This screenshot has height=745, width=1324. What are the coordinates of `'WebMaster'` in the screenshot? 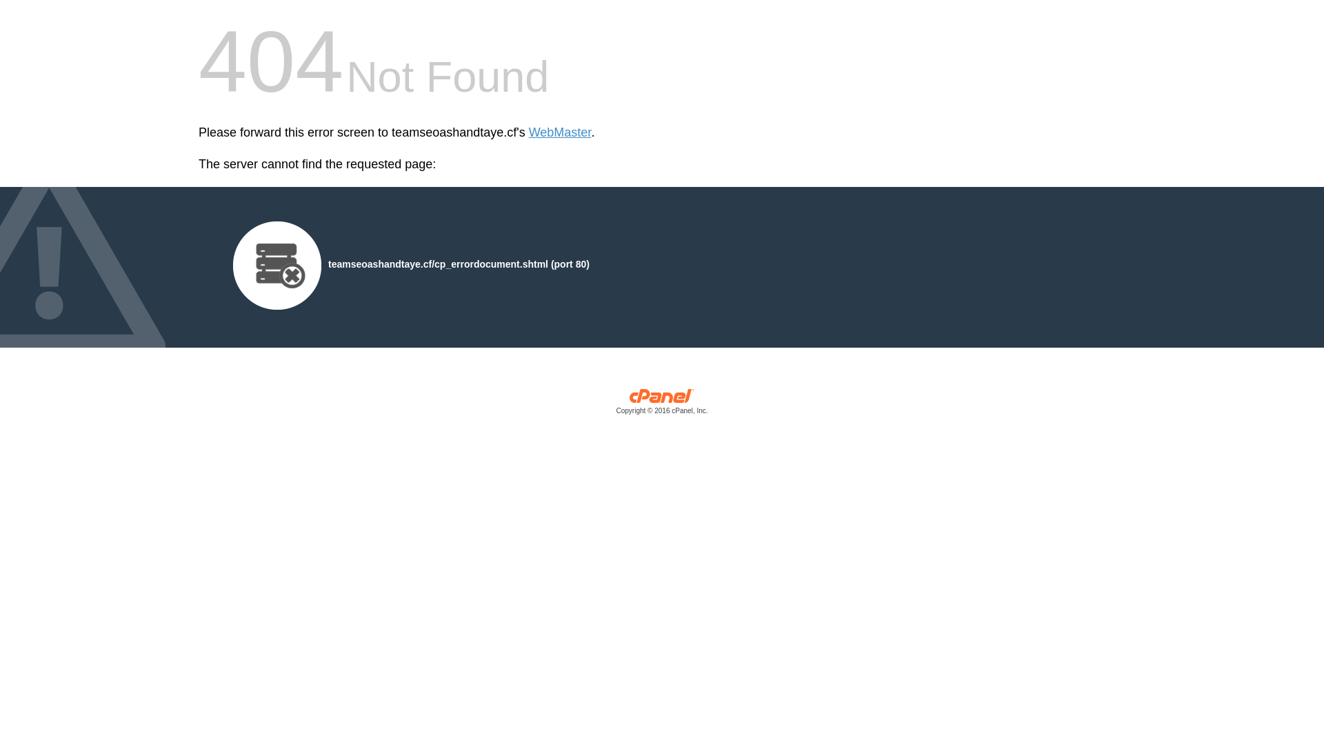 It's located at (560, 132).